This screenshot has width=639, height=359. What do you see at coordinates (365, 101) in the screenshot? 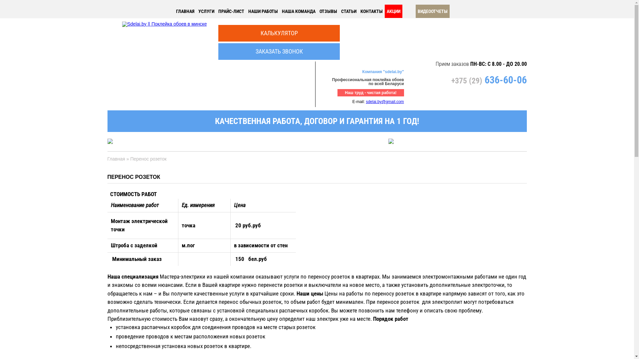
I see `'sdelai.by@gmail.com'` at bounding box center [365, 101].